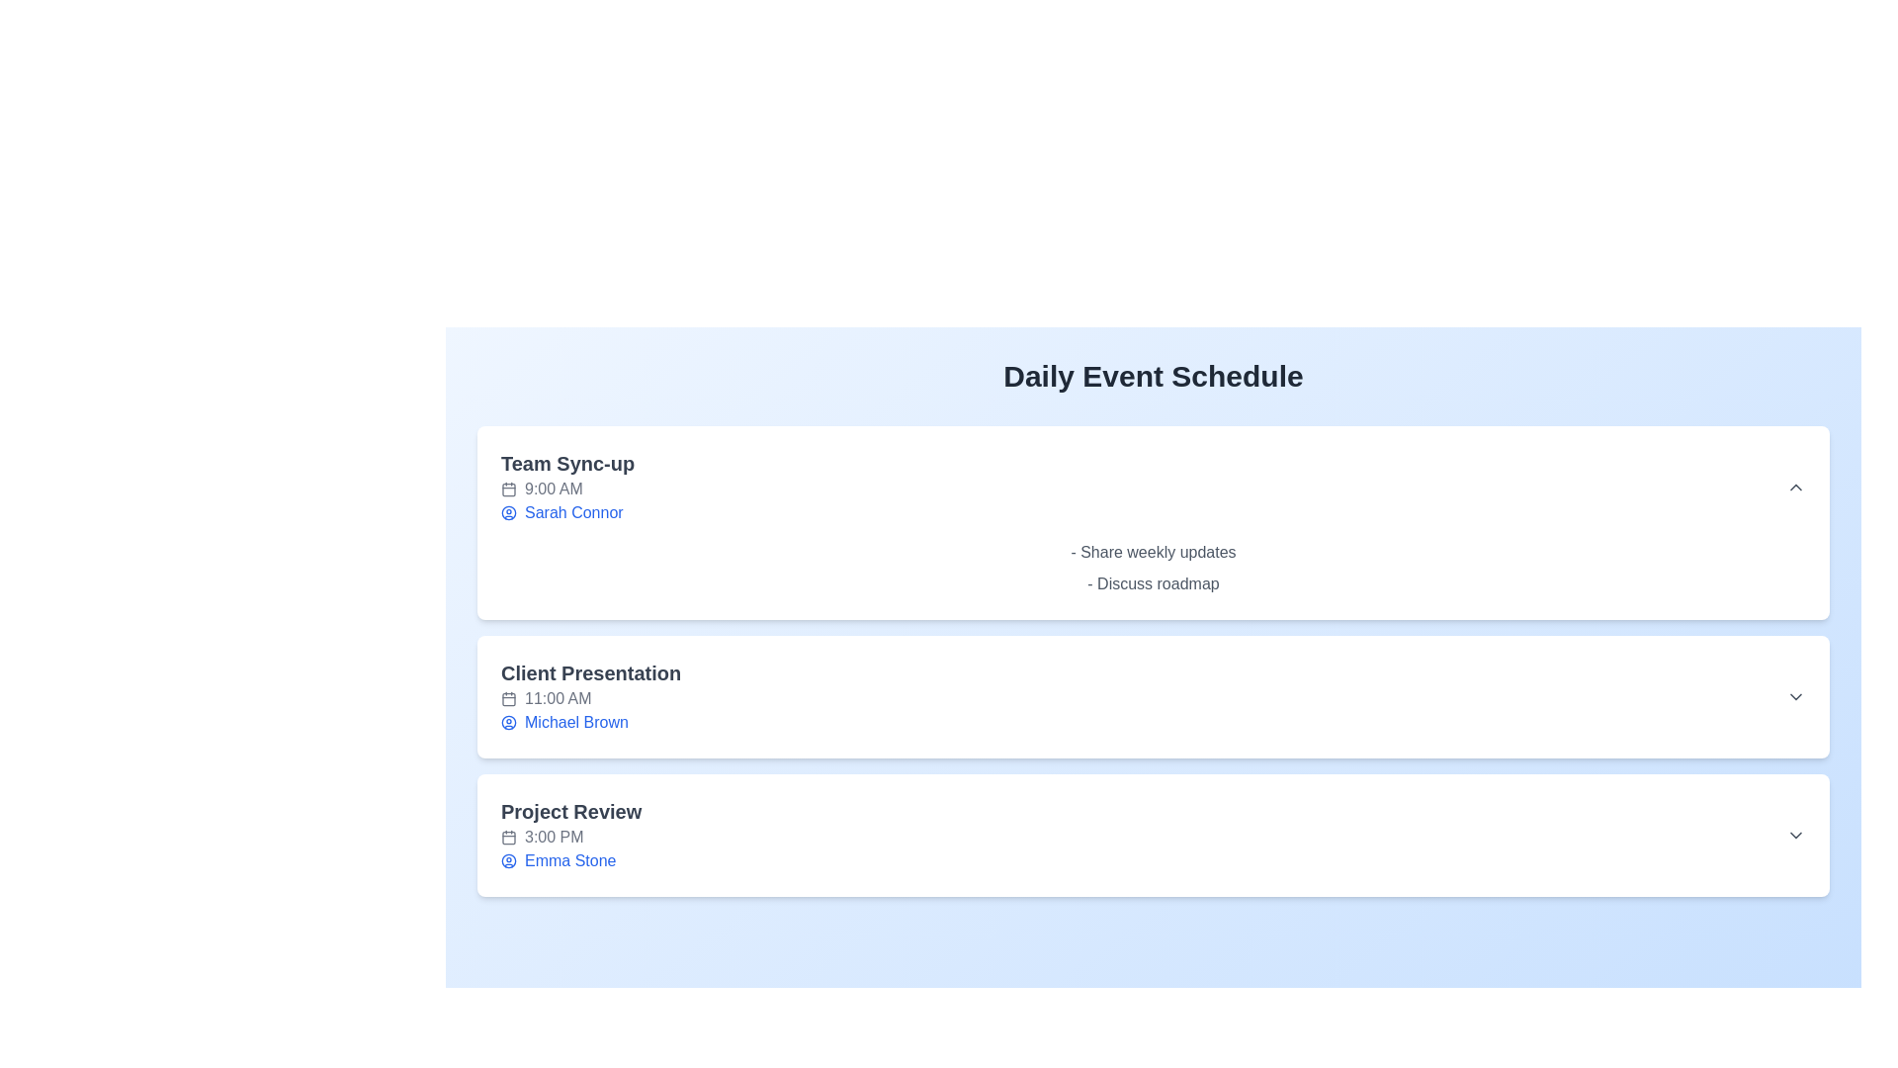 Image resolution: width=1898 pixels, height=1068 pixels. Describe the element at coordinates (570, 835) in the screenshot. I see `the Information Display Block that shows details of the scheduled event for 'Project Review' under 'Daily Event Schedule'` at that location.